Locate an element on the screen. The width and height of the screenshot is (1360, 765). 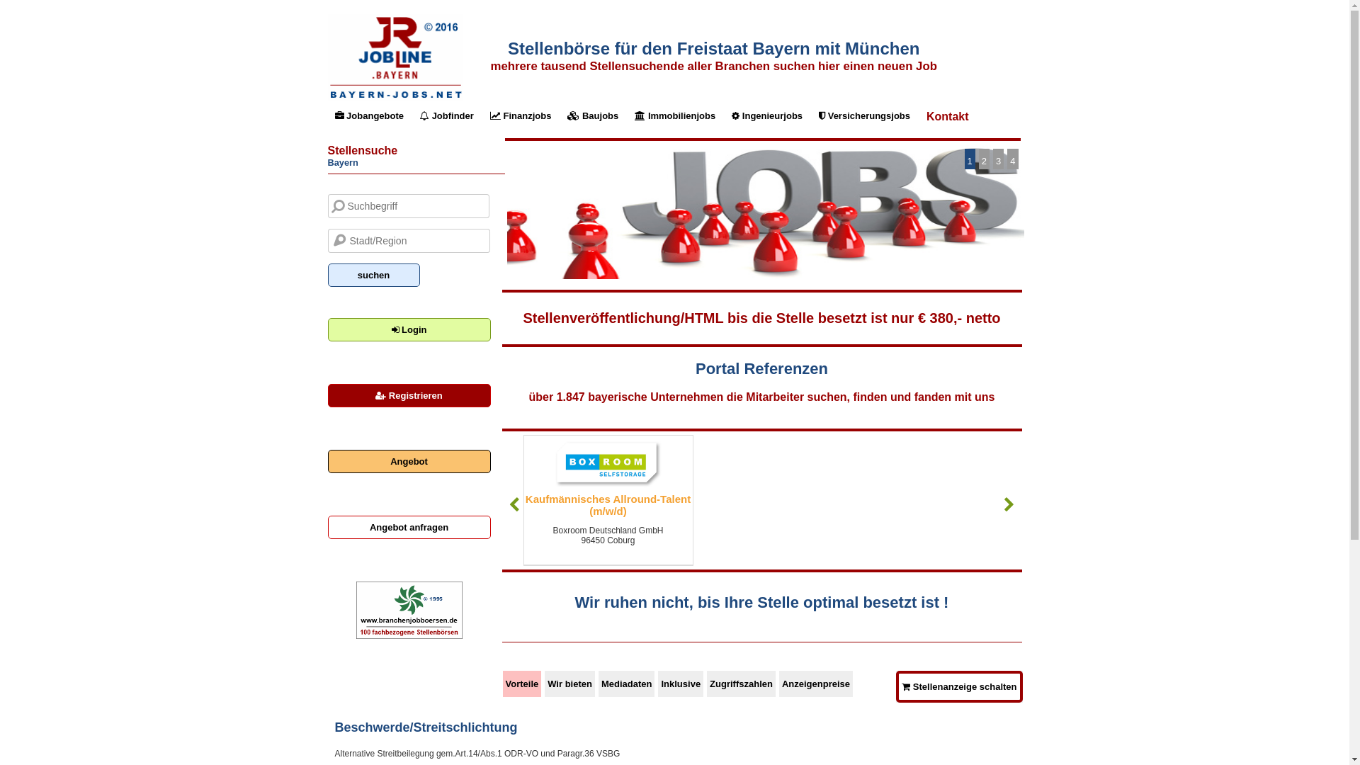
'Mediadaten' is located at coordinates (628, 683).